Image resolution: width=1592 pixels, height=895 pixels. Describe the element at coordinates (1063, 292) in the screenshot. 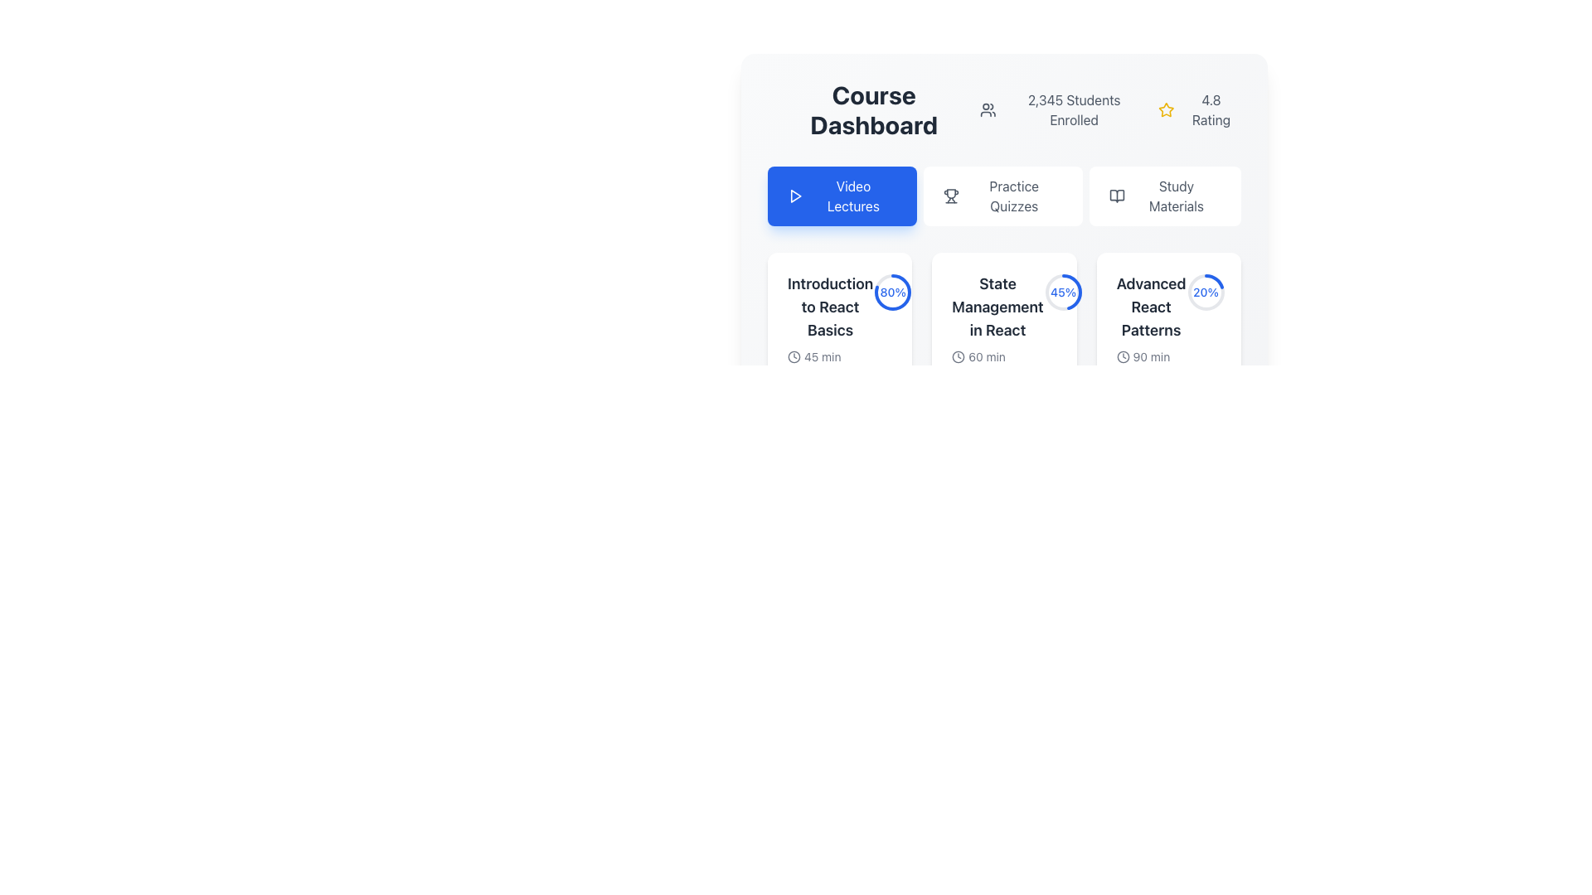

I see `the Circular progress visual indicator located at the top-right corner of the 'State Management in React' card, which visually represents progress with a partially filled gray stroke` at that location.